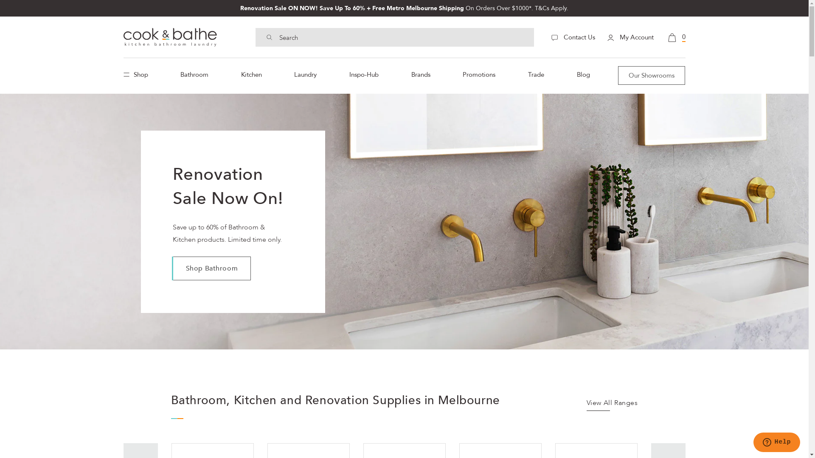  What do you see at coordinates (138, 74) in the screenshot?
I see `'Shop'` at bounding box center [138, 74].